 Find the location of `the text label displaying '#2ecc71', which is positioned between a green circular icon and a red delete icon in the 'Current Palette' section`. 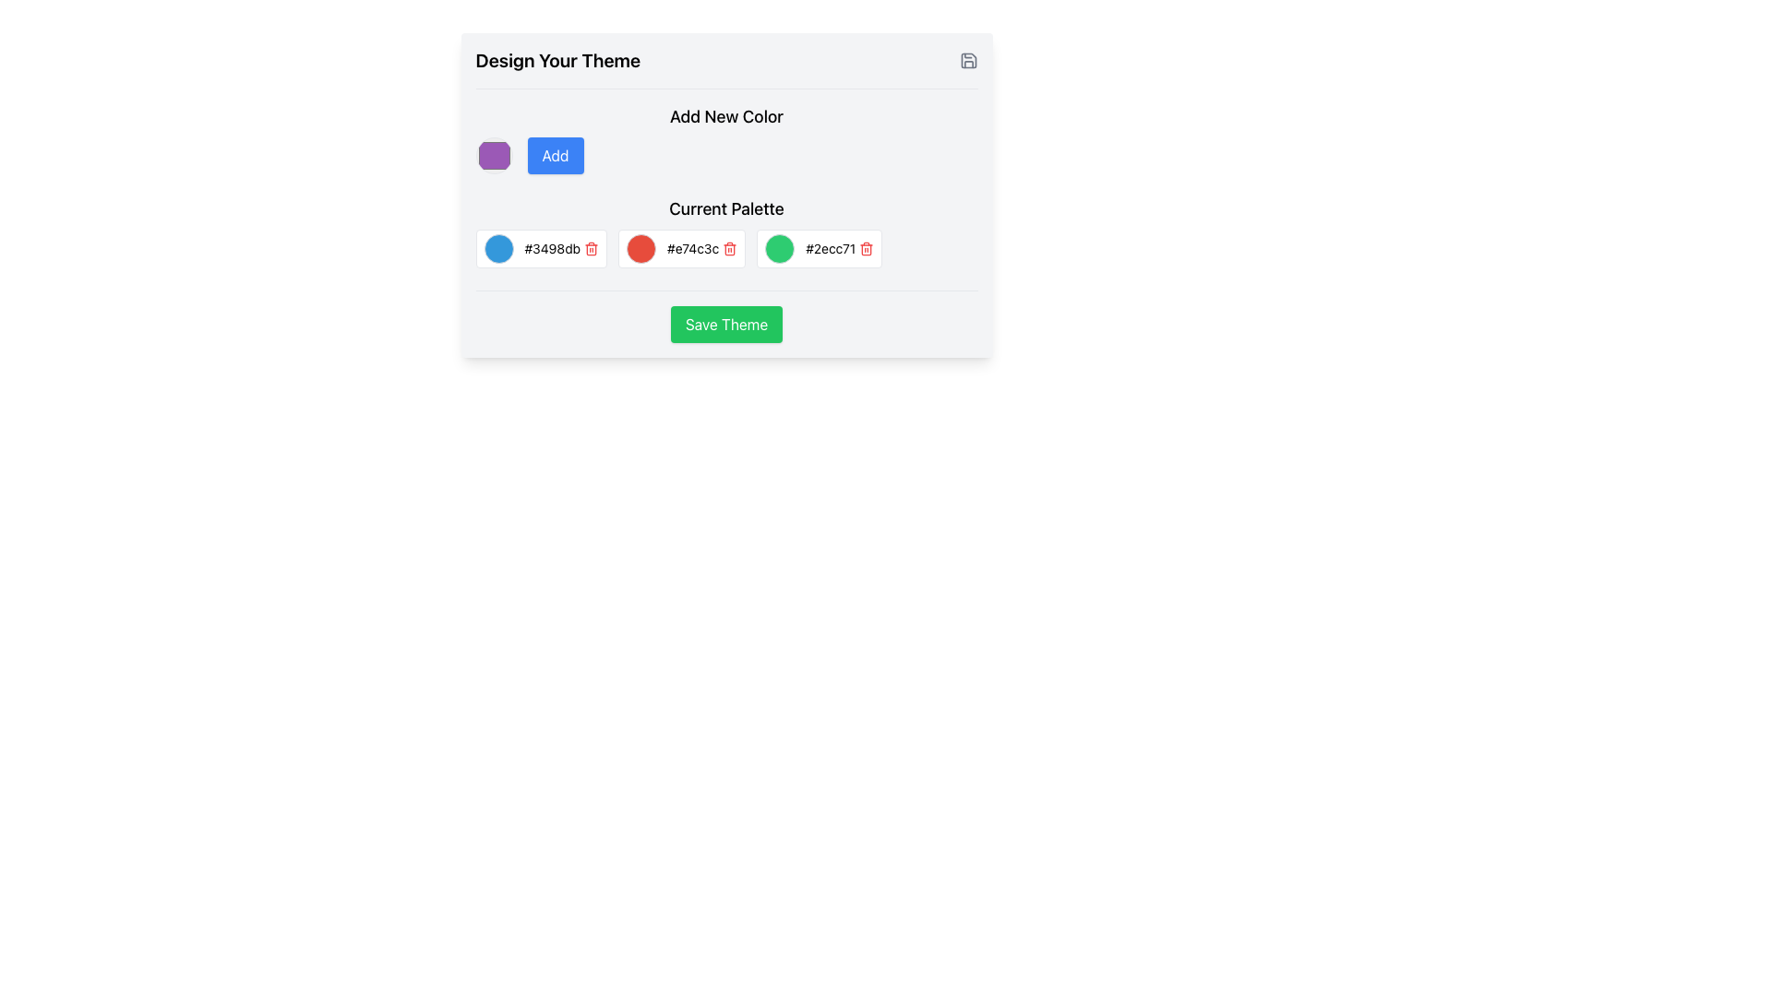

the text label displaying '#2ecc71', which is positioned between a green circular icon and a red delete icon in the 'Current Palette' section is located at coordinates (830, 249).